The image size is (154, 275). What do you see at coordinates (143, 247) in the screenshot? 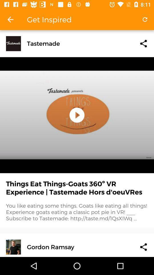
I see `share the video` at bounding box center [143, 247].